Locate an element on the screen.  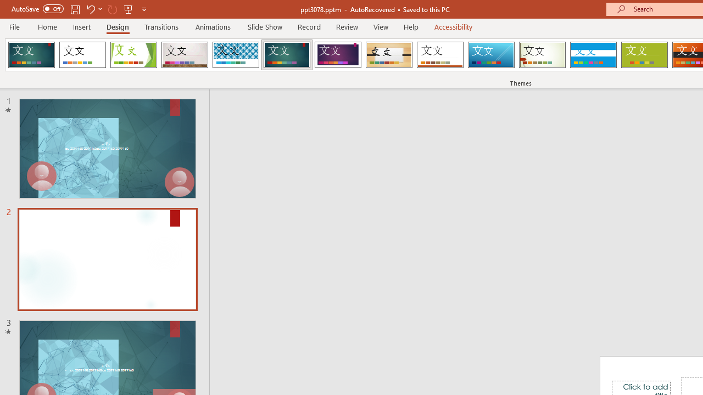
'Ion' is located at coordinates (287, 55).